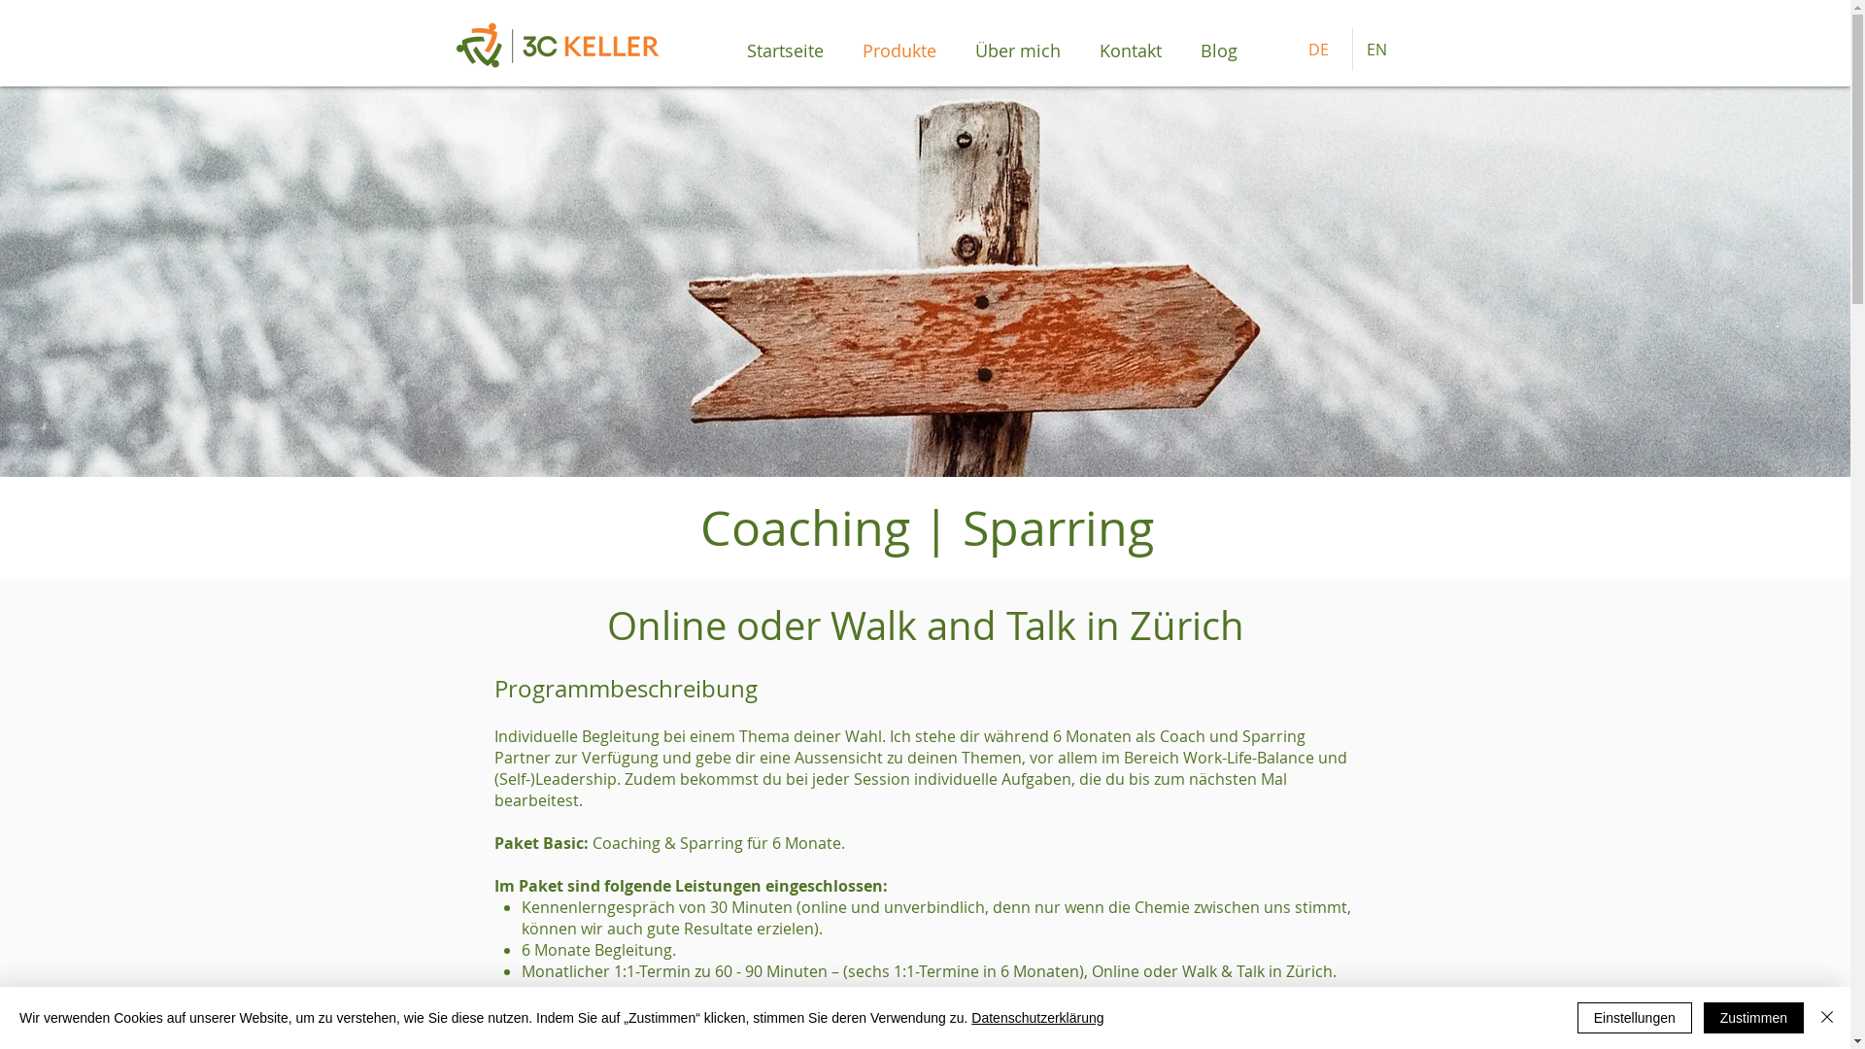  What do you see at coordinates (1753, 1017) in the screenshot?
I see `'Zustimmen'` at bounding box center [1753, 1017].